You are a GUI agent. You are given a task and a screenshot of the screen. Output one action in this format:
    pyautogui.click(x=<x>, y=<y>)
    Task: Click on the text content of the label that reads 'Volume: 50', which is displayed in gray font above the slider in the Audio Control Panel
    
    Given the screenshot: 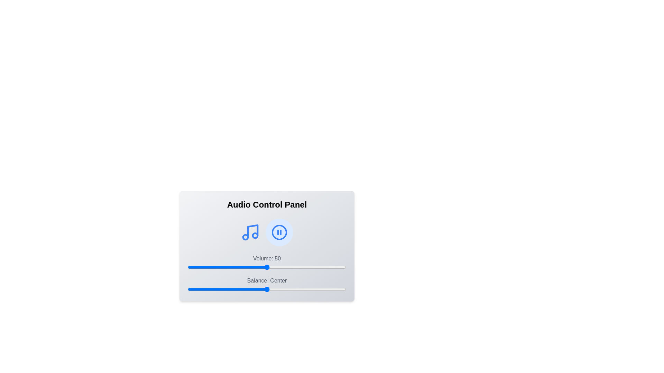 What is the action you would take?
    pyautogui.click(x=267, y=258)
    